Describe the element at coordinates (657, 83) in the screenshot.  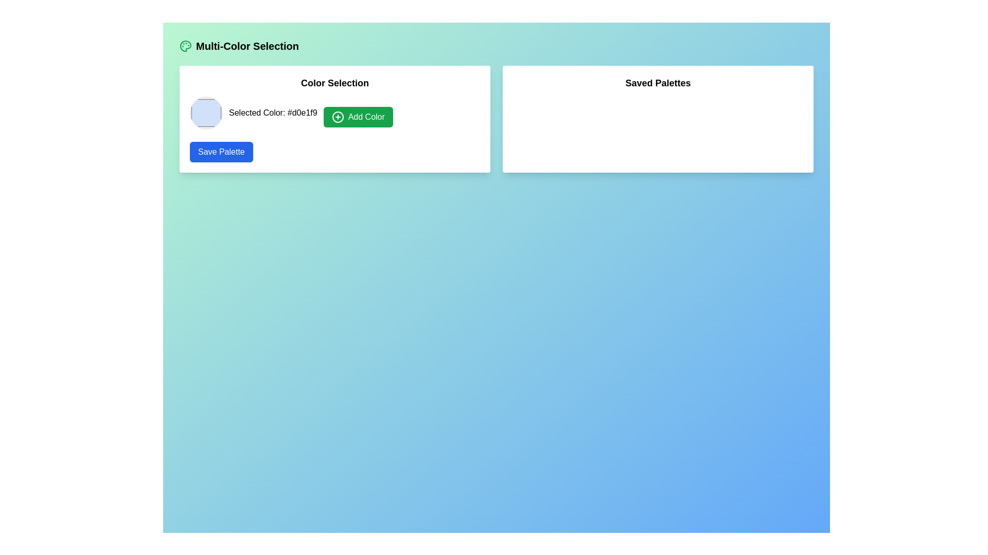
I see `the Text Label that serves as a heading for the panel indicating the content of saved color palettes, positioned in the upper right area of the interface` at that location.